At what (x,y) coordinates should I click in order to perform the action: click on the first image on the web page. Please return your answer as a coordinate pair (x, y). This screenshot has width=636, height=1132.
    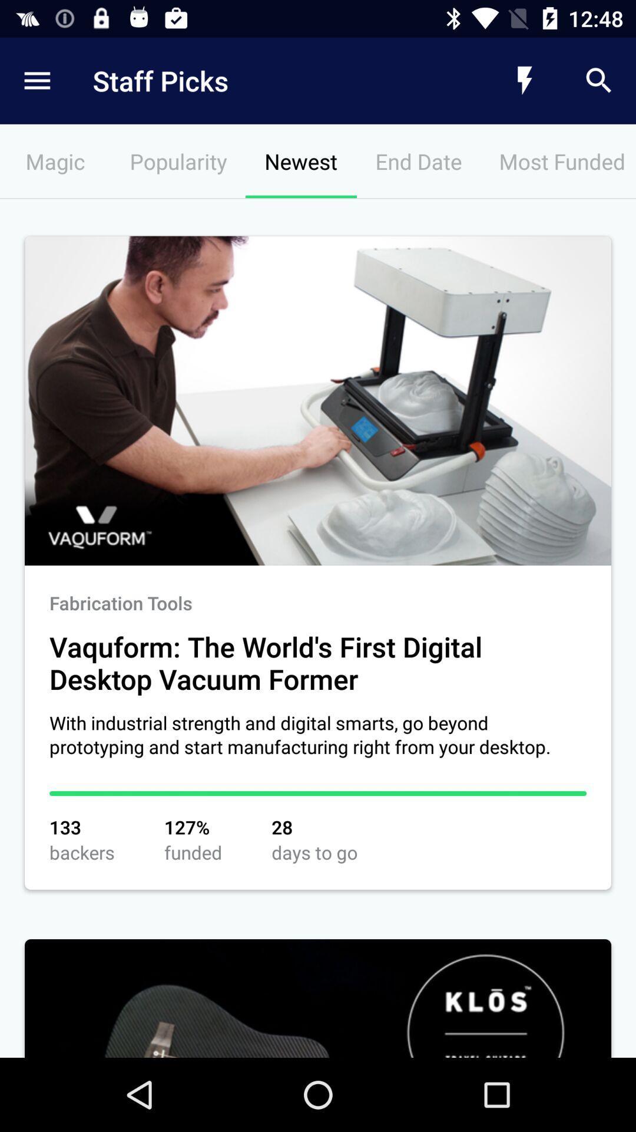
    Looking at the image, I should click on (318, 401).